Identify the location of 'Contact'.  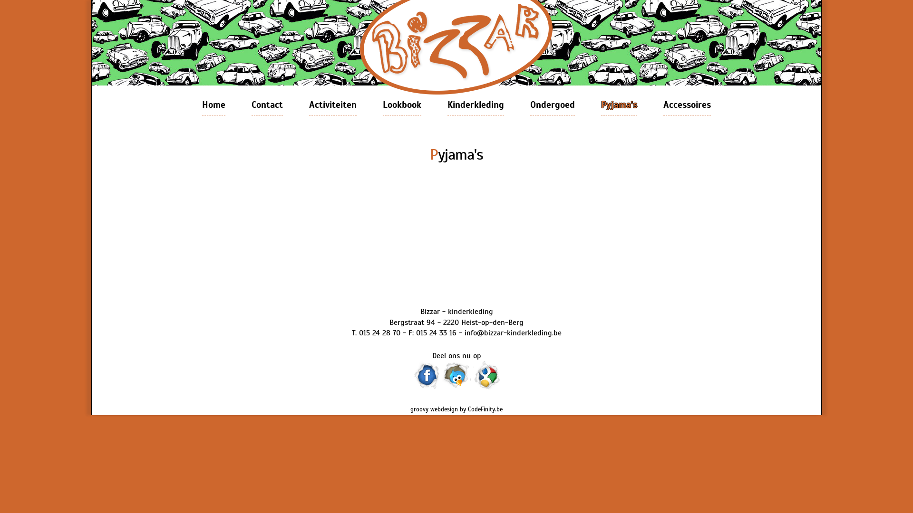
(266, 105).